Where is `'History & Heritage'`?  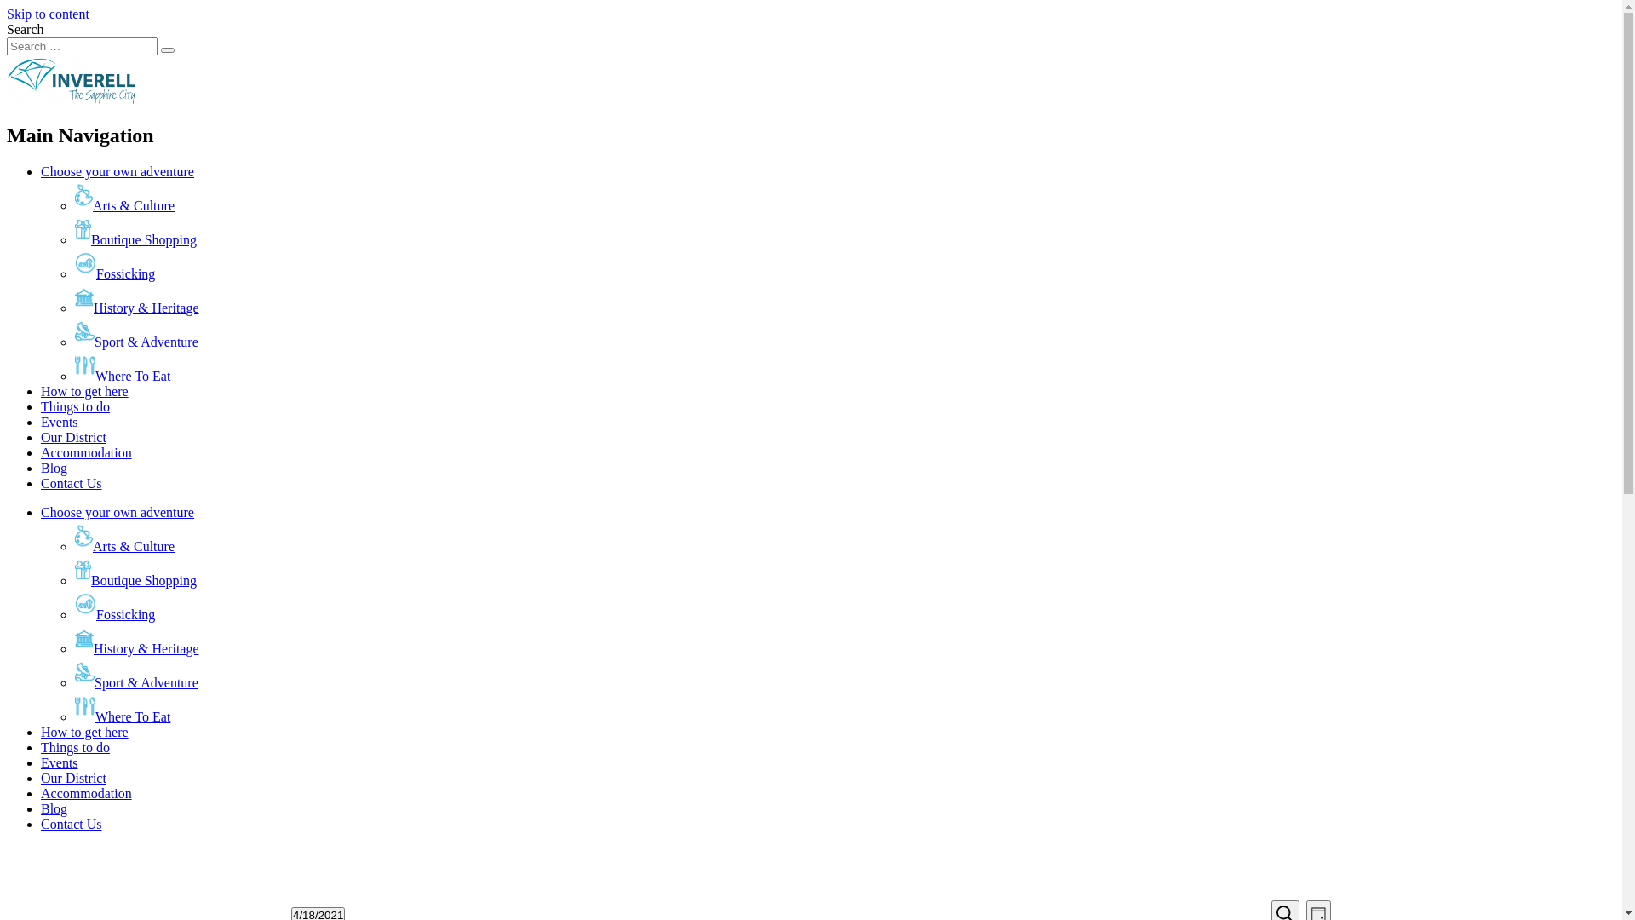
'History & Heritage' is located at coordinates (137, 308).